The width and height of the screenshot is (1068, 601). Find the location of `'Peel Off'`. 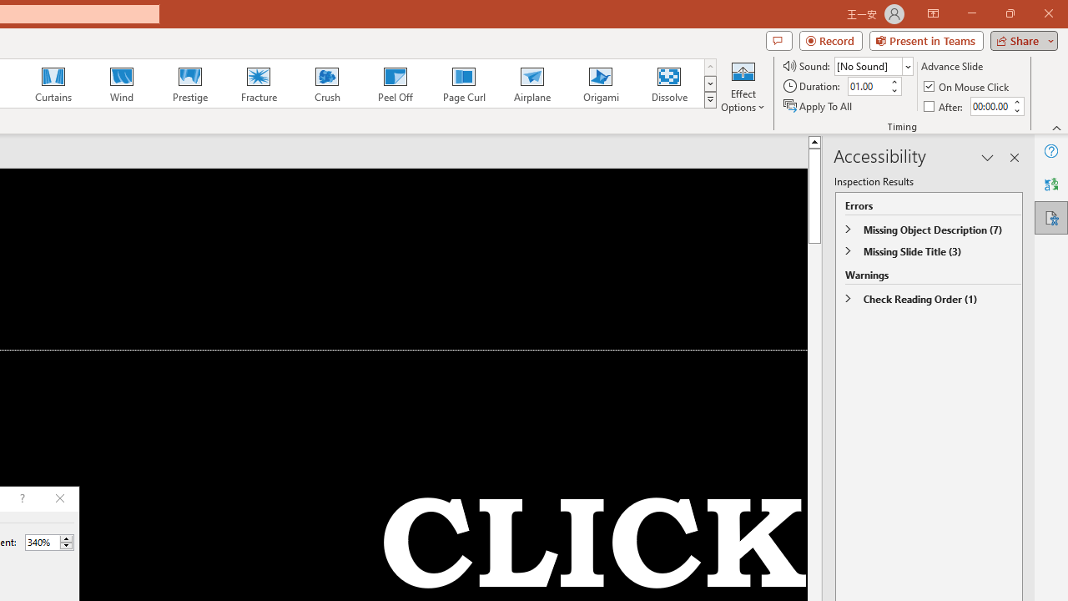

'Peel Off' is located at coordinates (394, 83).